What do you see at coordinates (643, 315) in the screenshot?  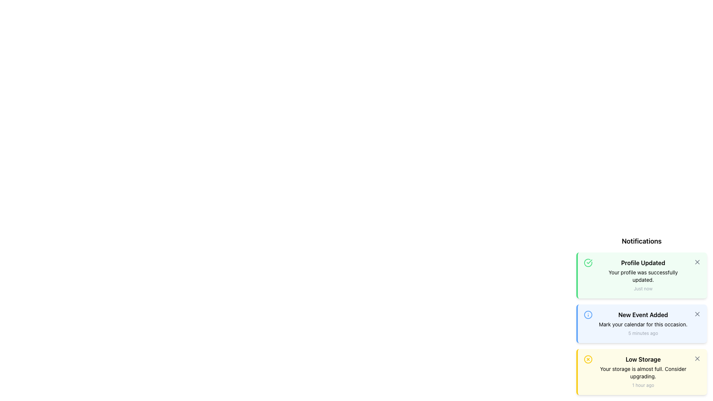 I see `the 'New Event Added' text label in the Notifications section, which is styled with bold, medium font size and is the topmost text component in the notification bubble` at bounding box center [643, 315].